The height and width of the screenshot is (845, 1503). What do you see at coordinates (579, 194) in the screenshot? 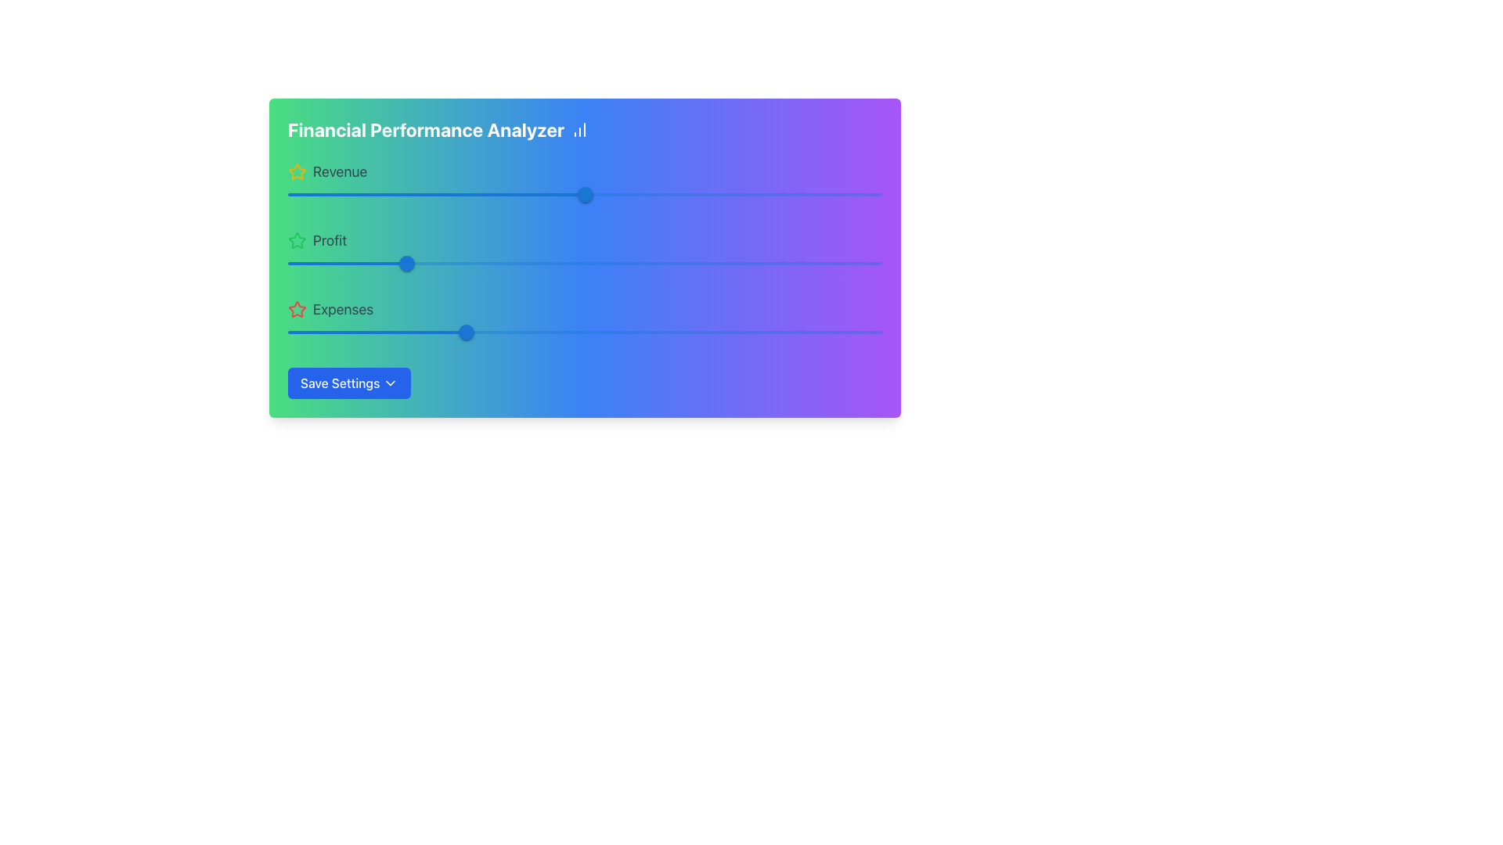
I see `the slider value` at bounding box center [579, 194].